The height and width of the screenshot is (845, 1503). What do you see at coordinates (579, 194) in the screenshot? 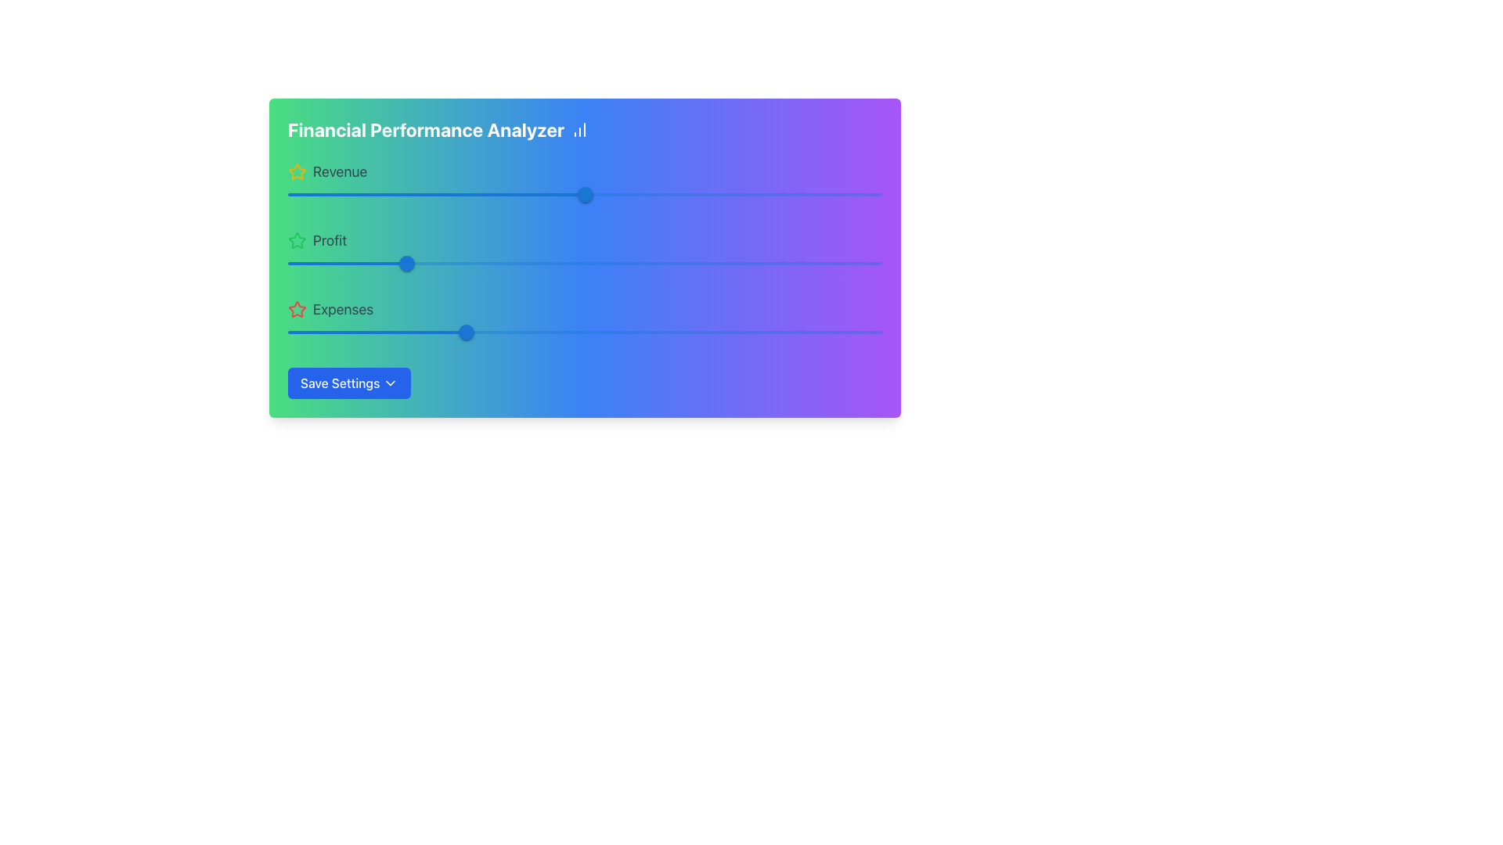
I see `the slider value` at bounding box center [579, 194].